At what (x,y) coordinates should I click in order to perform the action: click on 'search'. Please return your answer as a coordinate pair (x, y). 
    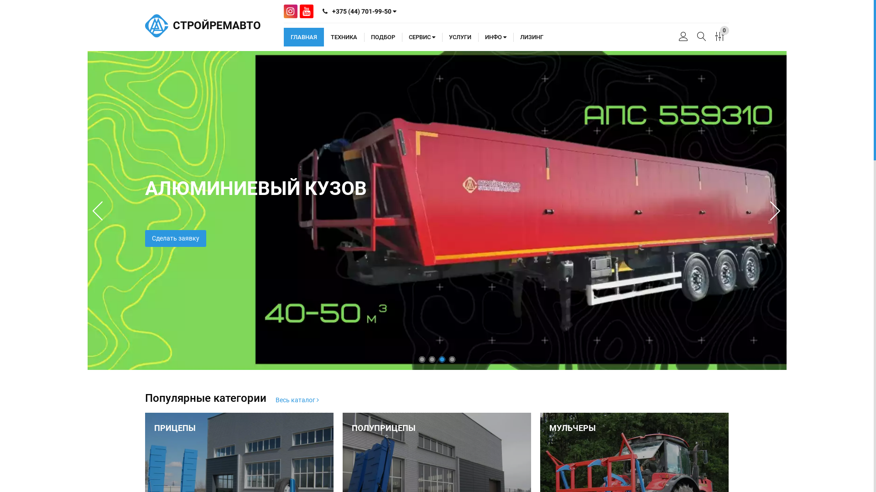
    Looking at the image, I should click on (701, 36).